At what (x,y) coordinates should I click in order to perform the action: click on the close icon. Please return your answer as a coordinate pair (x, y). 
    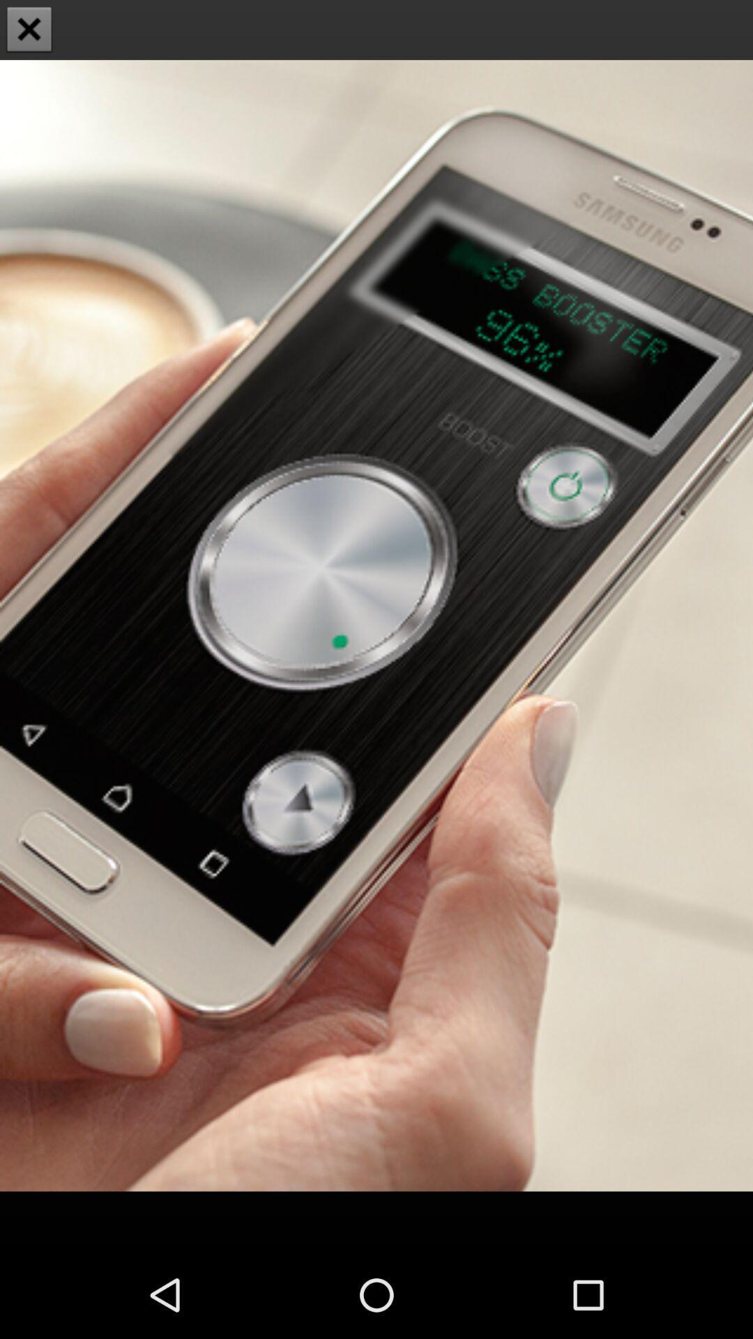
    Looking at the image, I should click on (29, 31).